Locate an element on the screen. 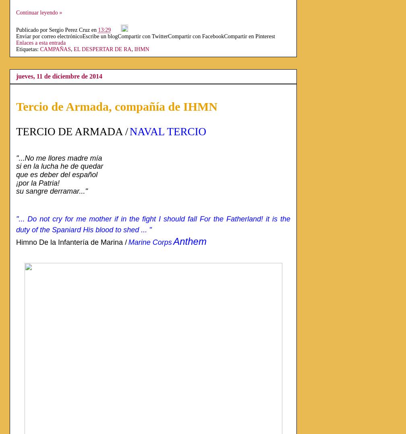  'su sangre derramar..."' is located at coordinates (52, 190).